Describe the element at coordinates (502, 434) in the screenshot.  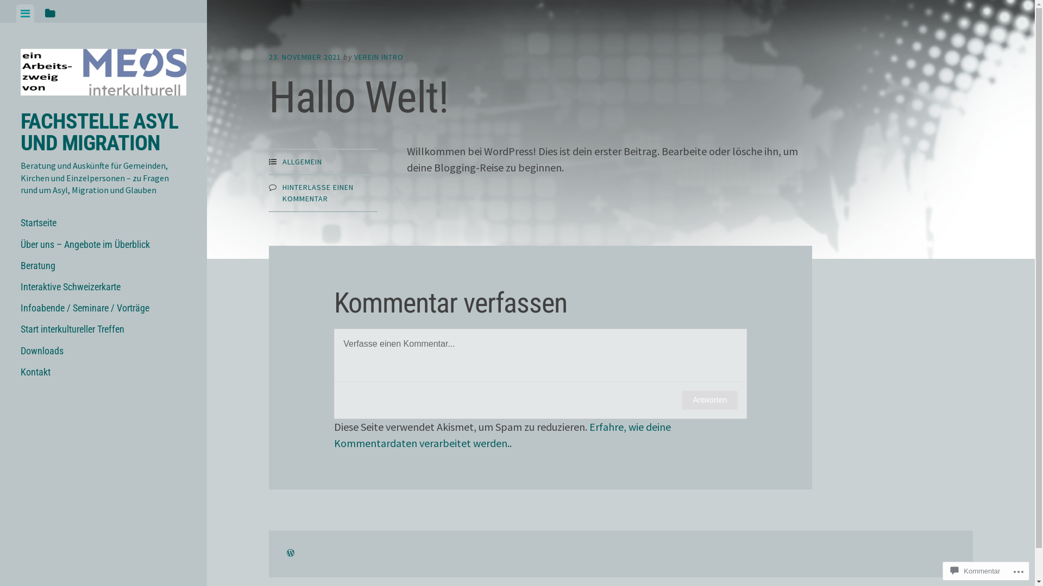
I see `'Erfahre, wie deine Kommentardaten verarbeitet werden.'` at that location.